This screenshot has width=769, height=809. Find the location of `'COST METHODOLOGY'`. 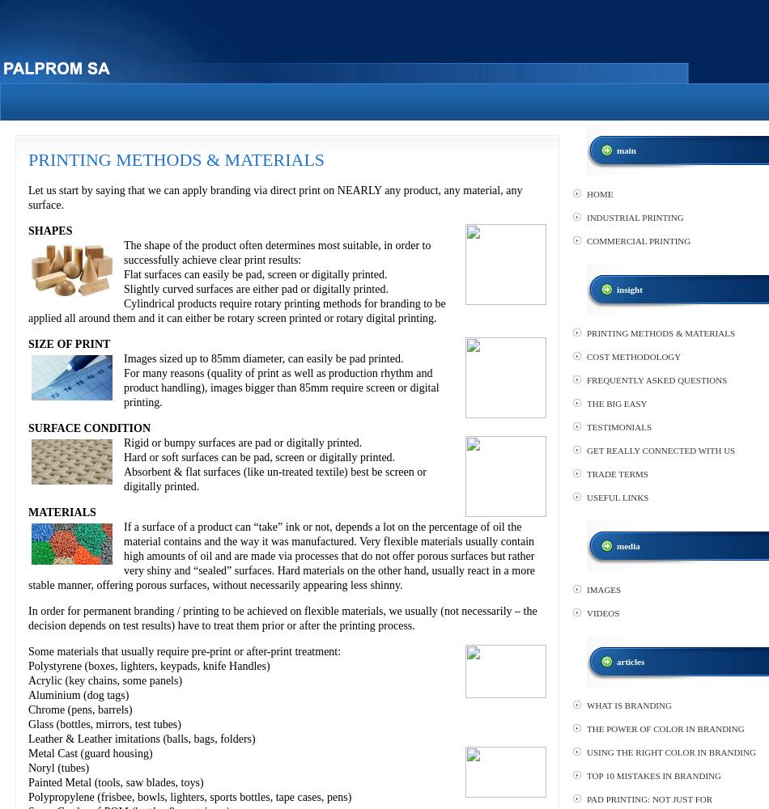

'COST METHODOLOGY' is located at coordinates (586, 356).